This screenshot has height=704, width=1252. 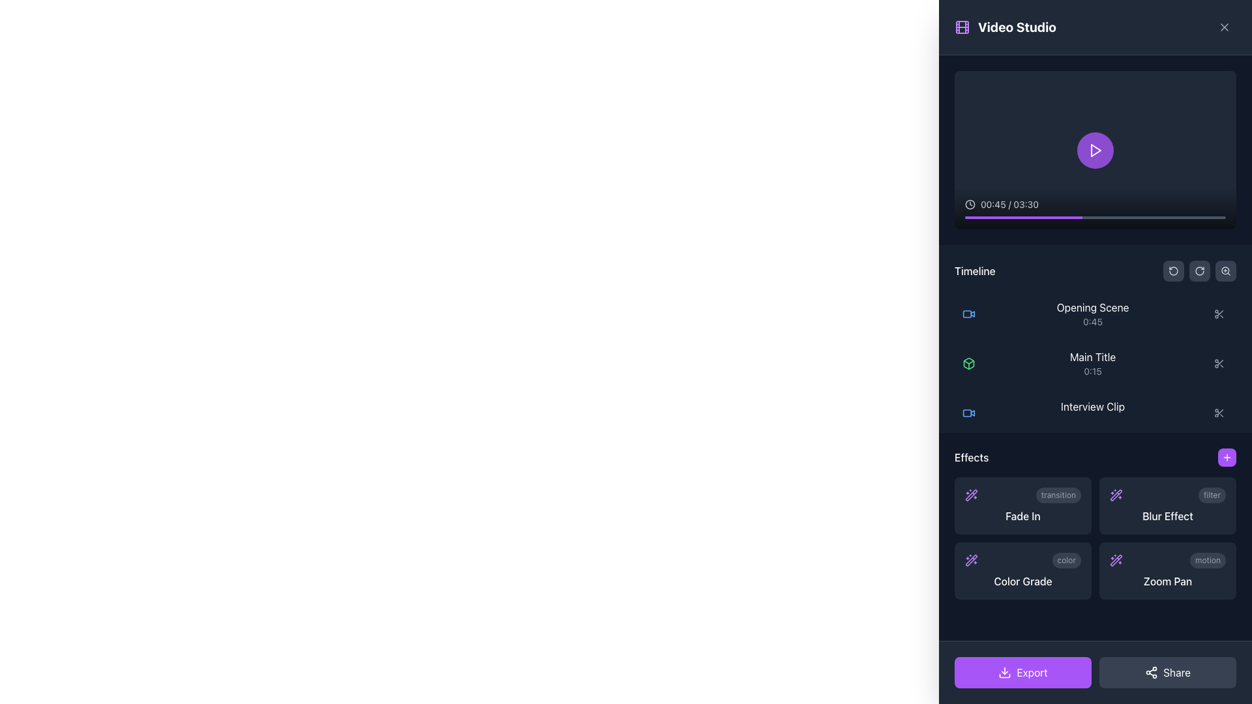 I want to click on the diagonal graphical icon resembling a wand with sparkles, styled in purple, located in the effects section at the top-left corner of the group of effect icons, so click(x=1116, y=495).